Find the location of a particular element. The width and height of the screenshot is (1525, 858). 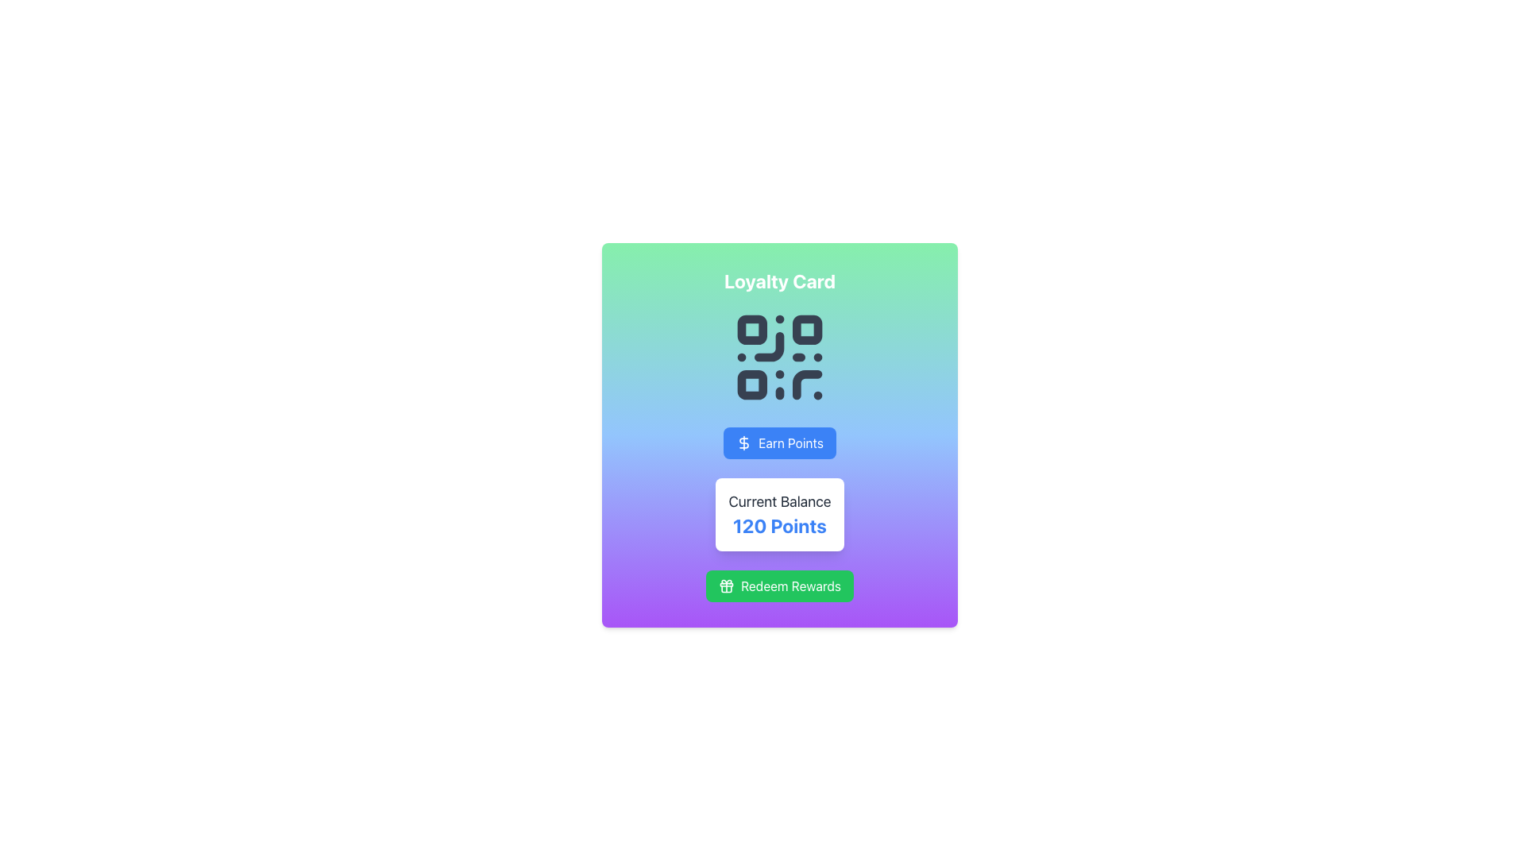

the 'Redeem Rewards' button which contains the rewards icon located at the bottom of the interface is located at coordinates (726, 586).